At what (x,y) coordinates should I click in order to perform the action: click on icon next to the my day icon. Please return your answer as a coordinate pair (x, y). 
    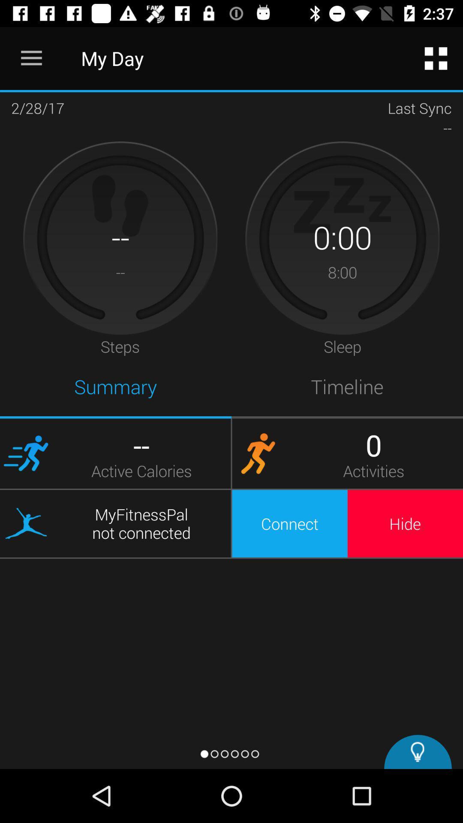
    Looking at the image, I should click on (31, 58).